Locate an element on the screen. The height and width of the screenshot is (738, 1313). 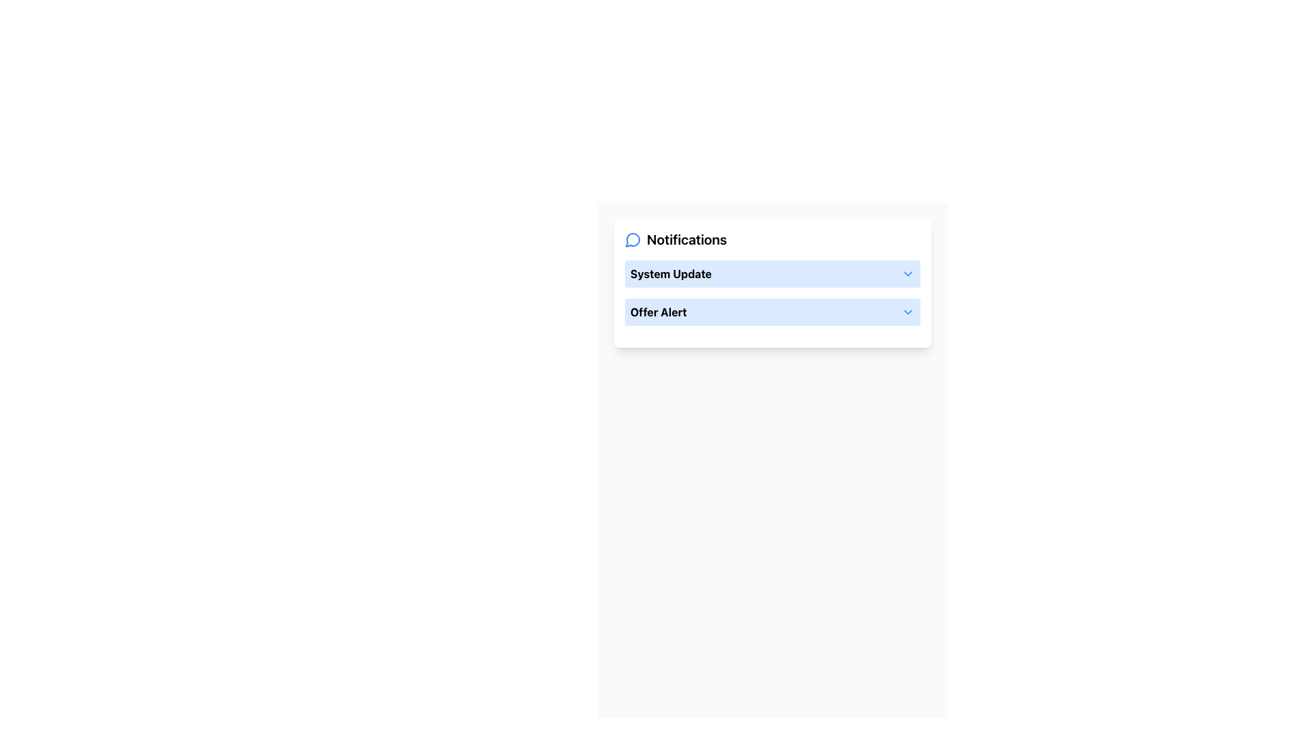
the bold textual label reading 'Notifications', which is prominently styled and positioned next to a speech bubble icon in the notification panel is located at coordinates (687, 239).